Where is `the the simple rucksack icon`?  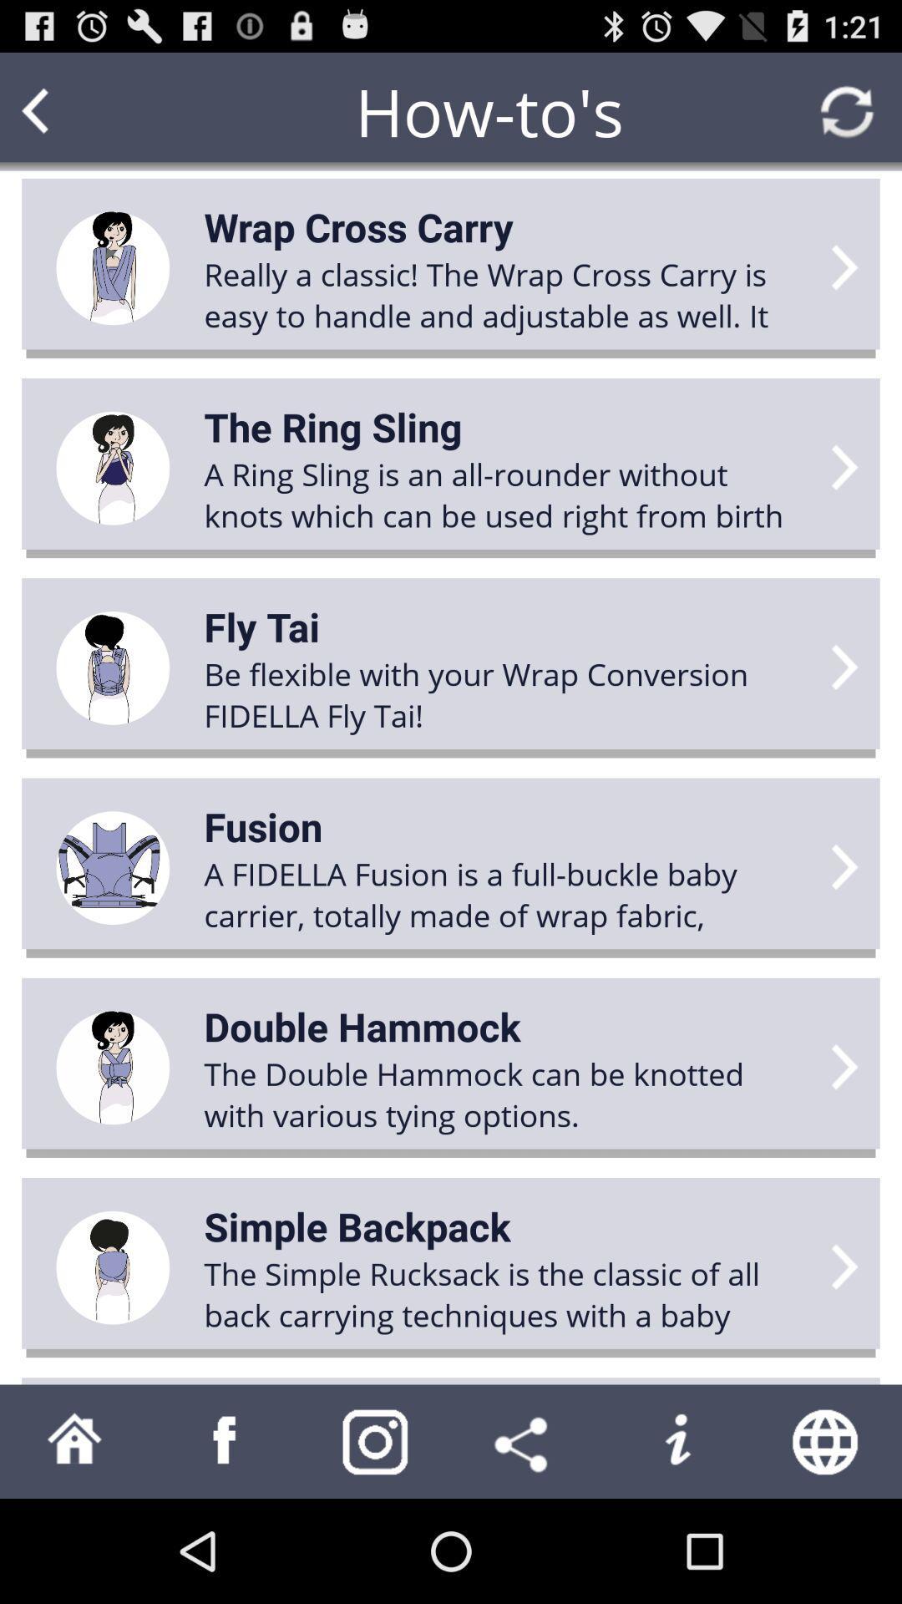 the the simple rucksack icon is located at coordinates (506, 1293).